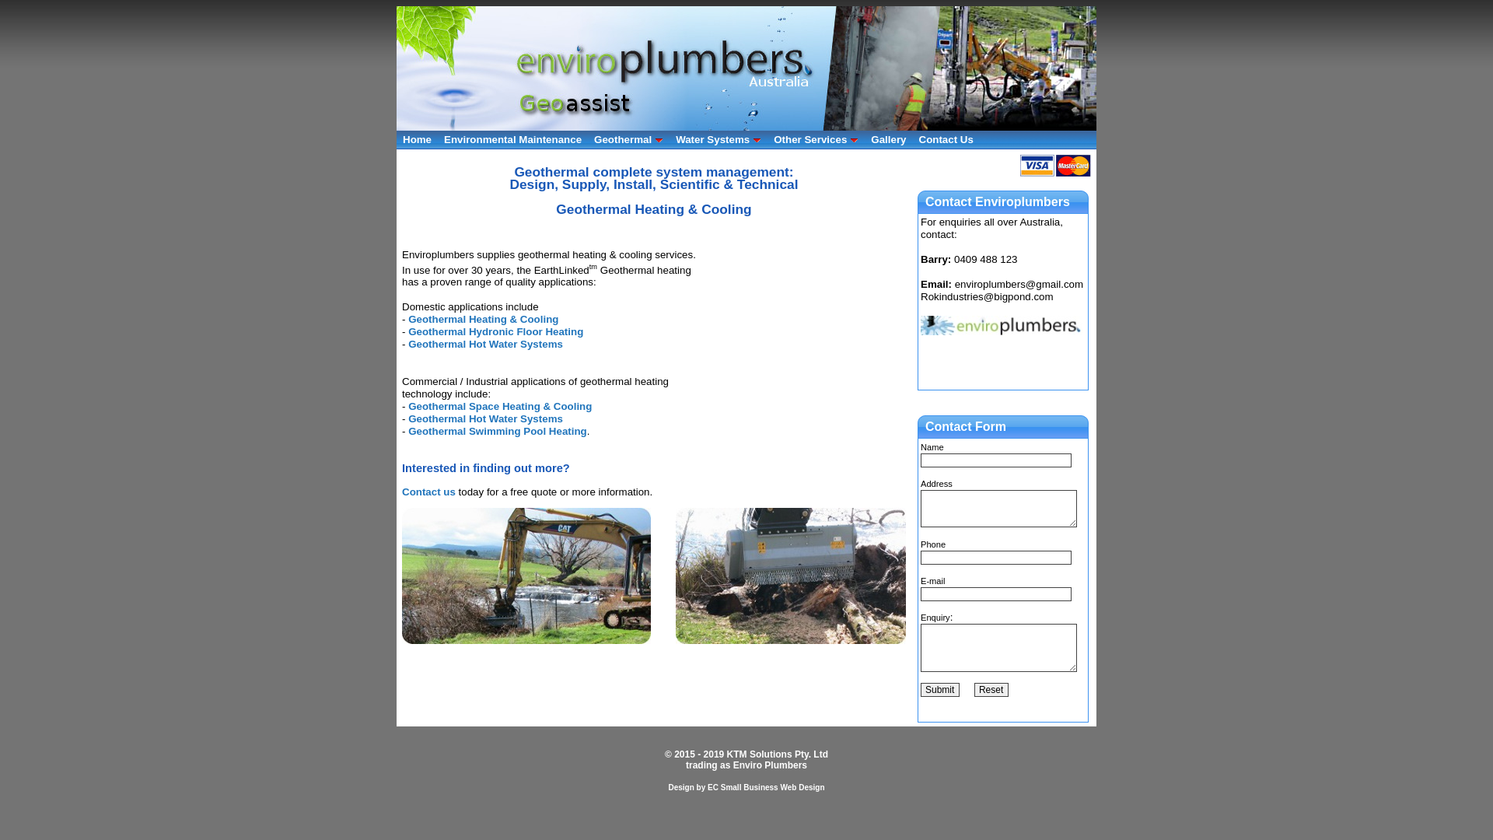  What do you see at coordinates (512, 138) in the screenshot?
I see `'Environmental Maintenance'` at bounding box center [512, 138].